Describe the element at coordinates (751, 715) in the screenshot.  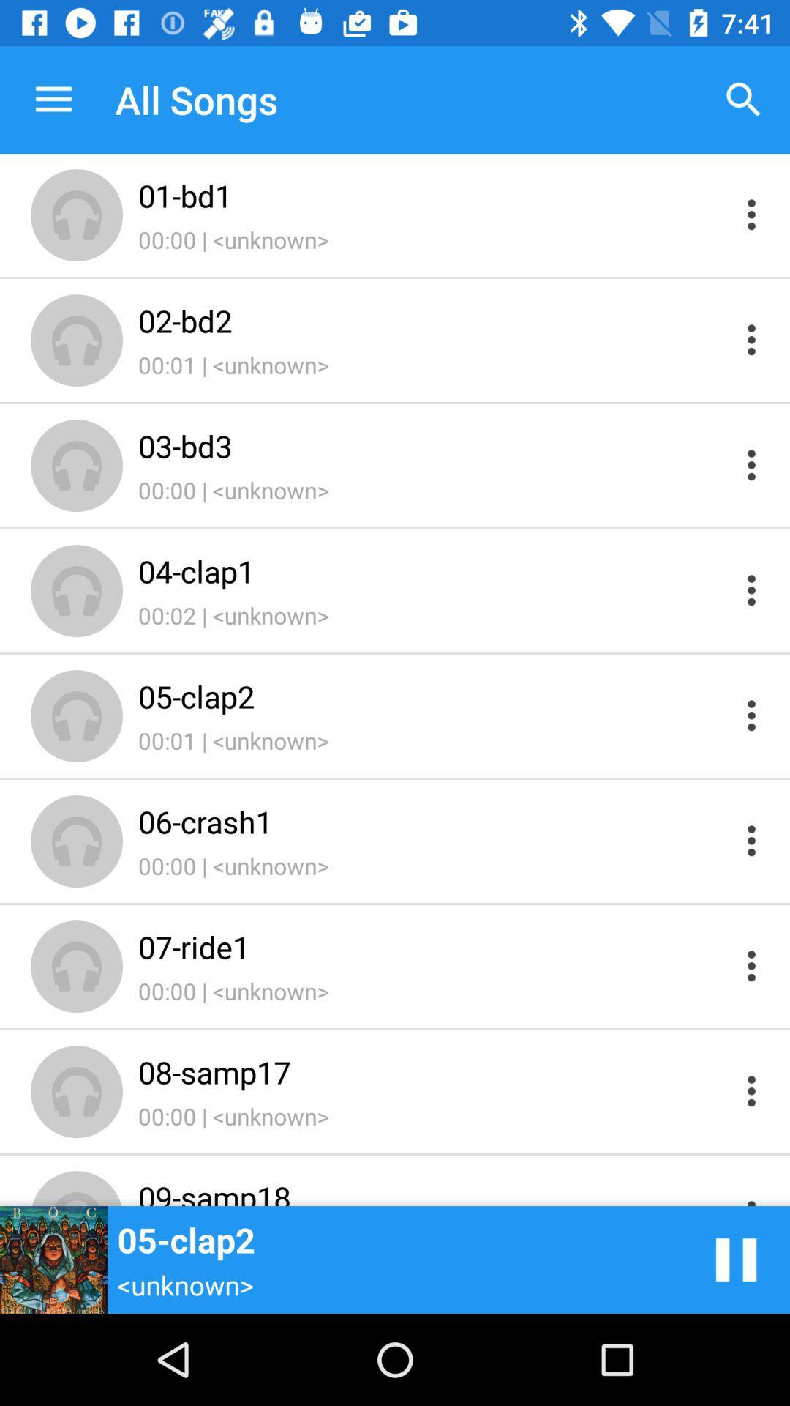
I see `open options` at that location.